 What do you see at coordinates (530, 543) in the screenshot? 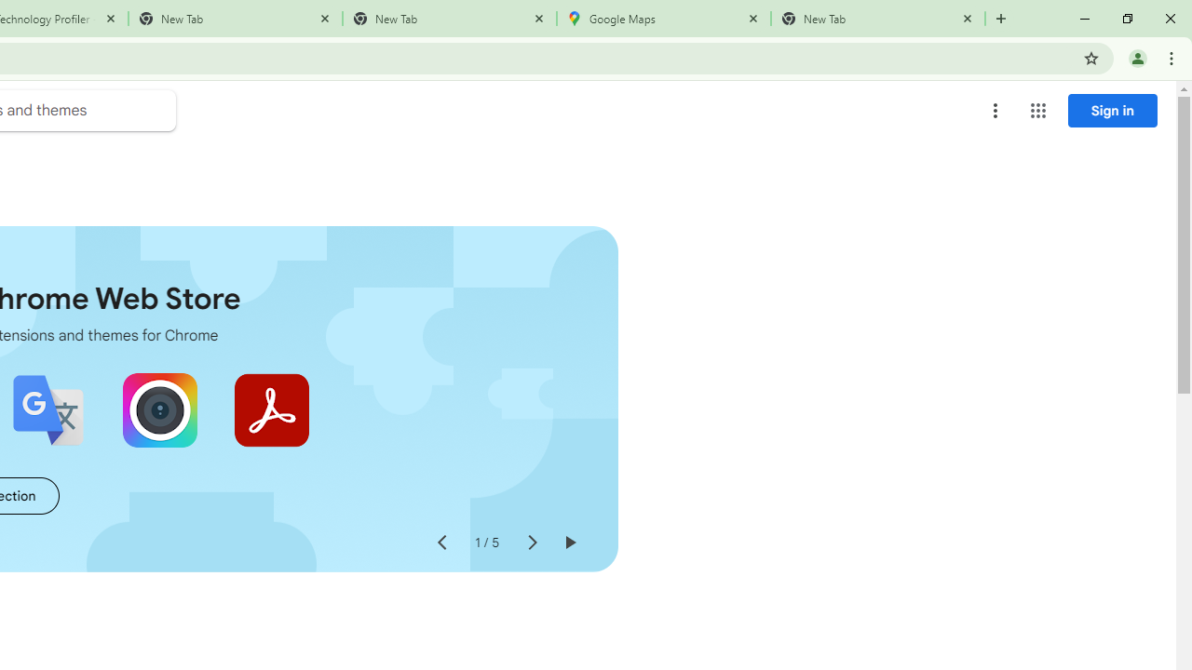
I see `'Next slide'` at bounding box center [530, 543].